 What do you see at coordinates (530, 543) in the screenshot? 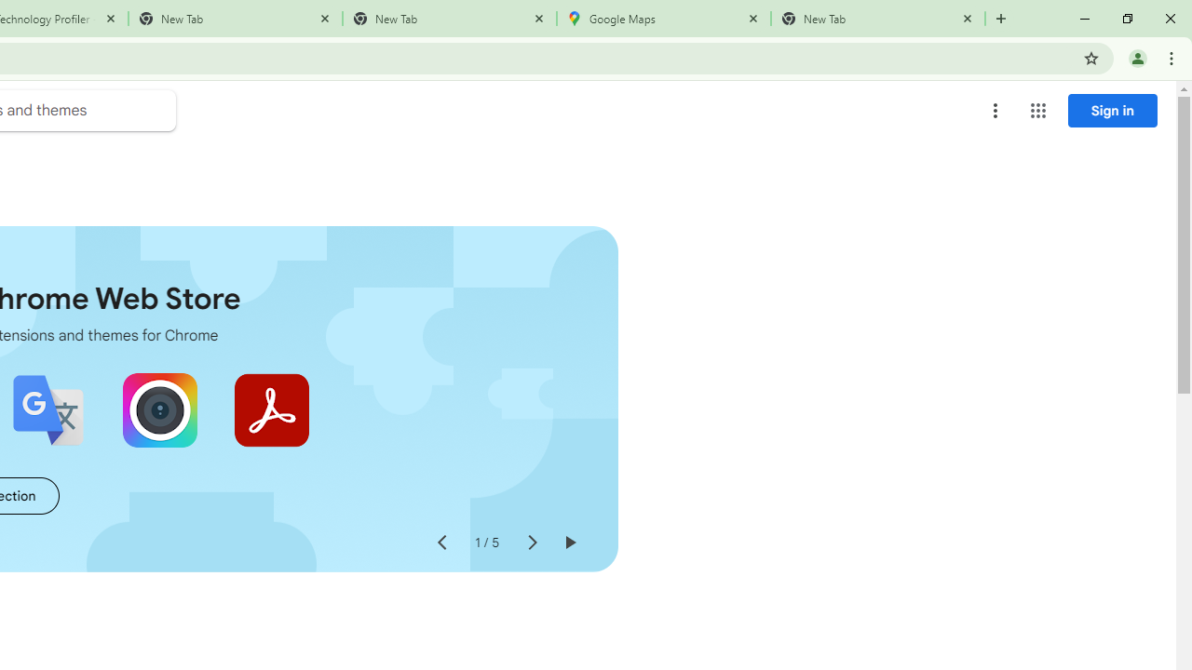
I see `'Next slide'` at bounding box center [530, 543].